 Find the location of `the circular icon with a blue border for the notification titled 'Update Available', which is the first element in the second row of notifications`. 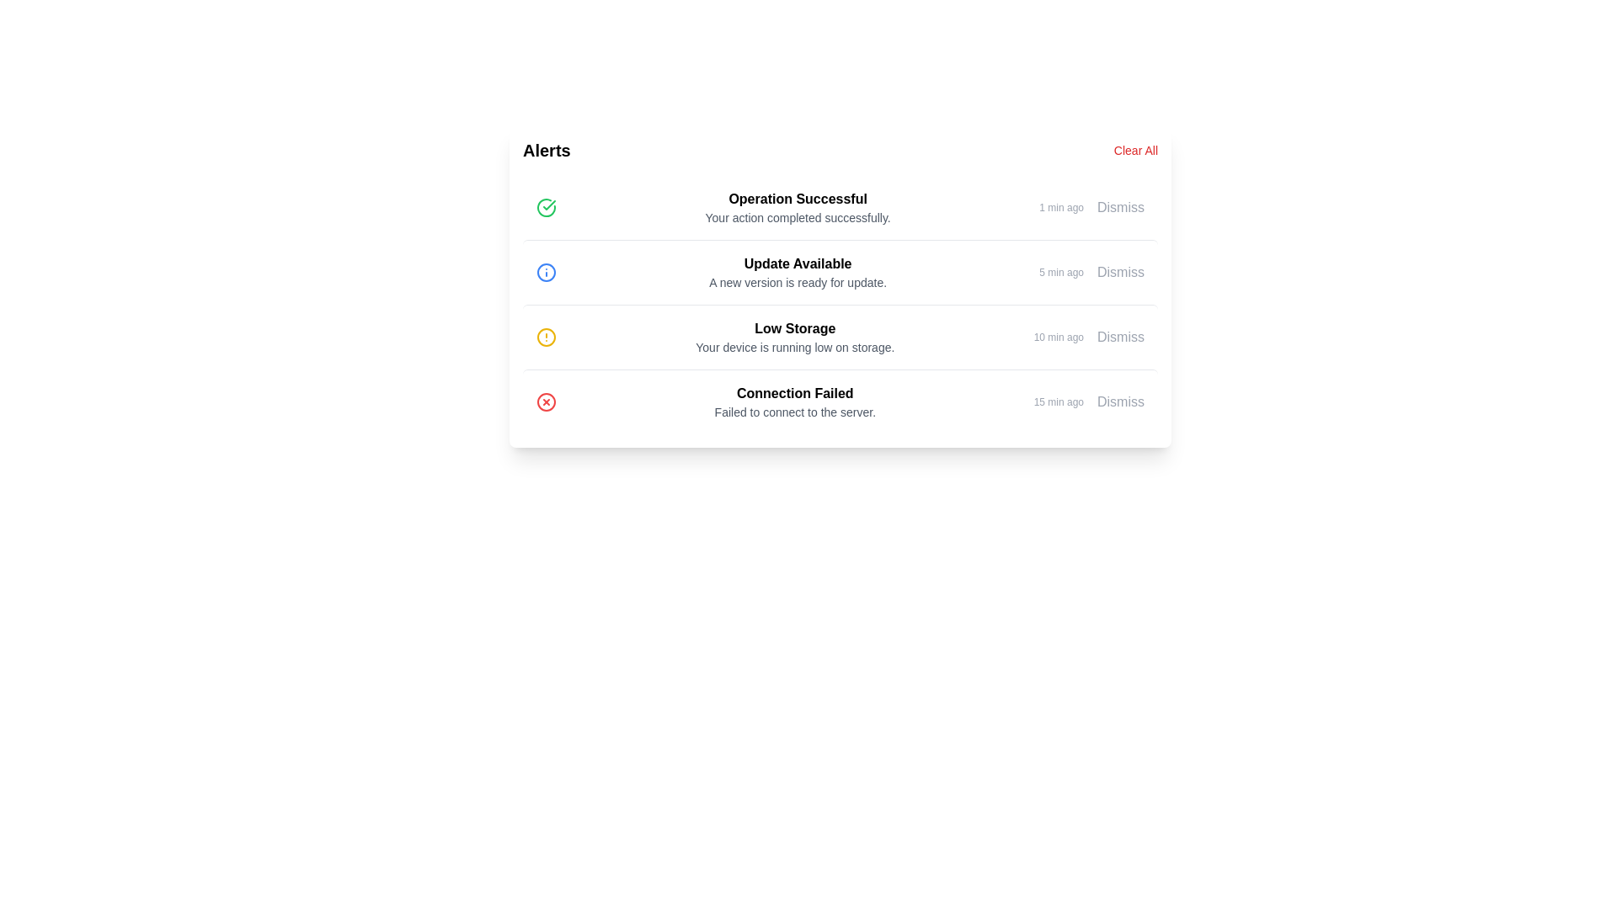

the circular icon with a blue border for the notification titled 'Update Available', which is the first element in the second row of notifications is located at coordinates (546, 272).